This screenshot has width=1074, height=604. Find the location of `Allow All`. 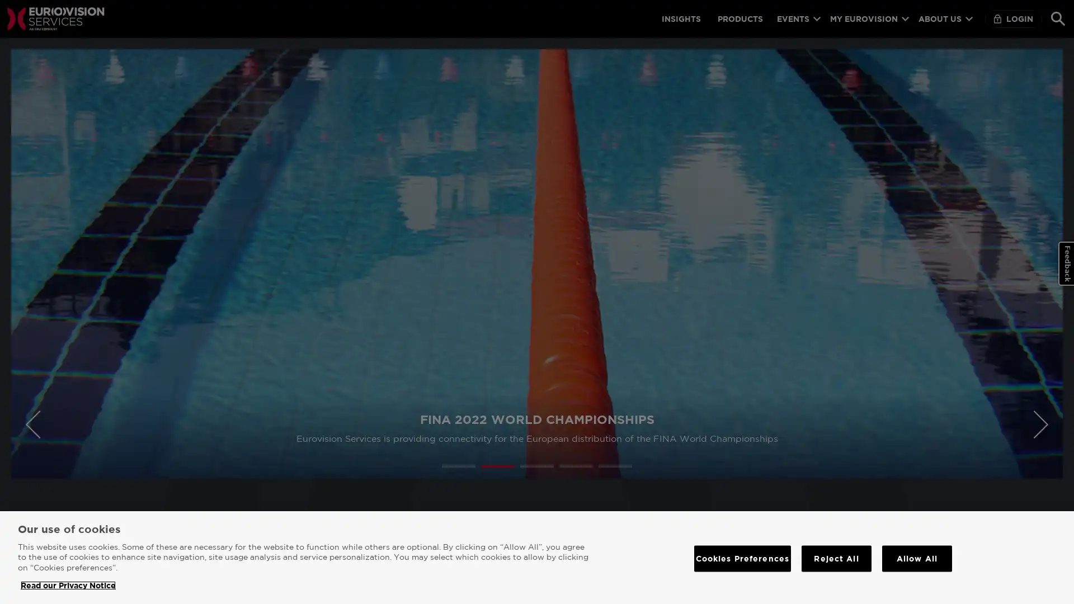

Allow All is located at coordinates (917, 558).